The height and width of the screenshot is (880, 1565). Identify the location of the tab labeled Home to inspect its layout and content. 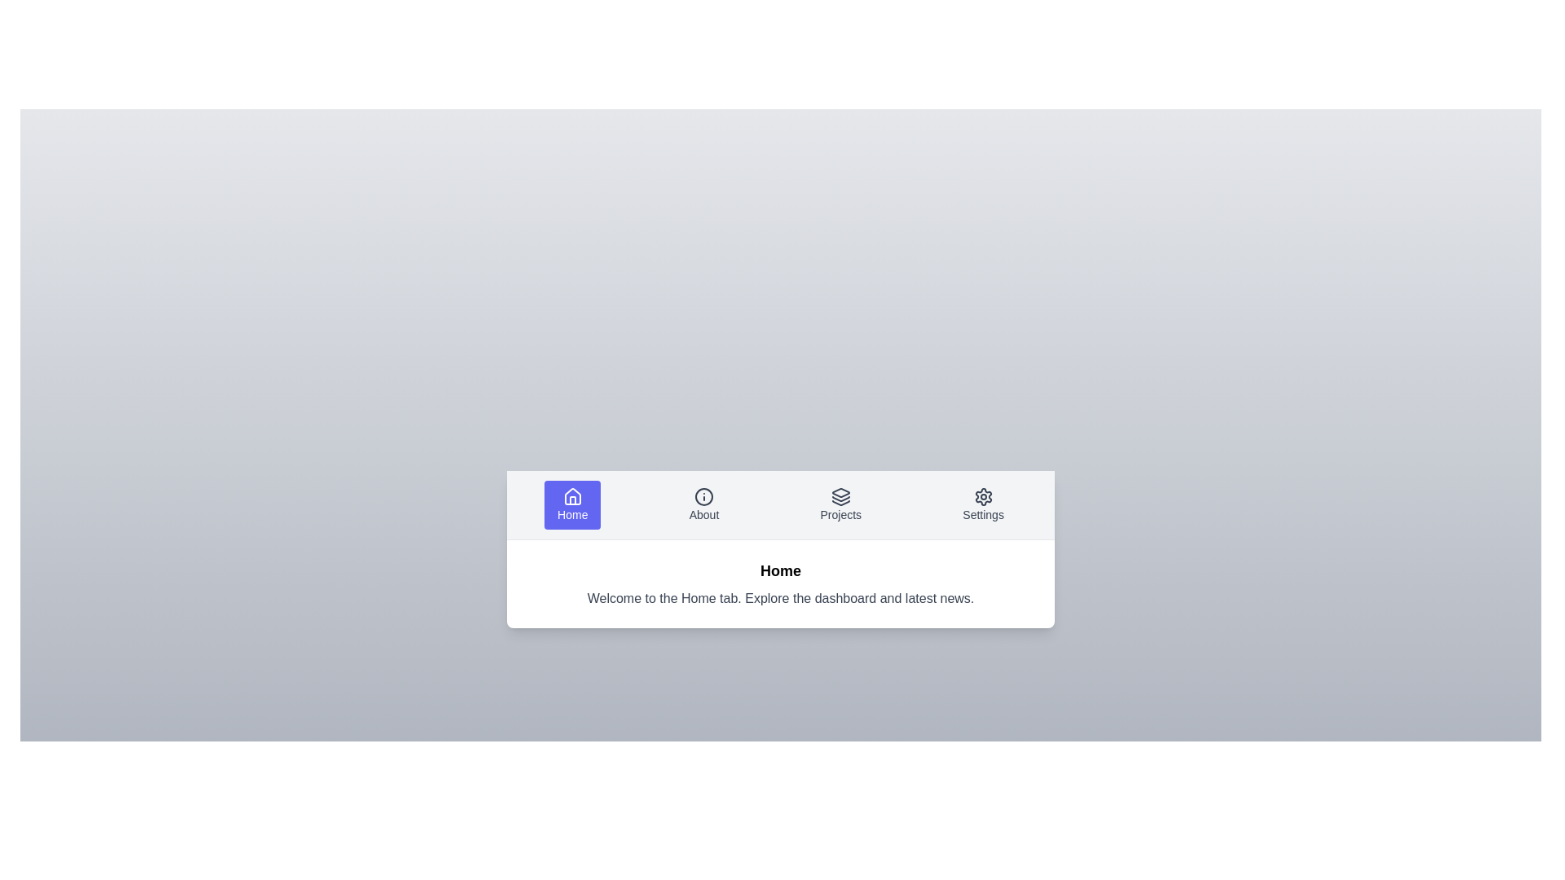
(571, 503).